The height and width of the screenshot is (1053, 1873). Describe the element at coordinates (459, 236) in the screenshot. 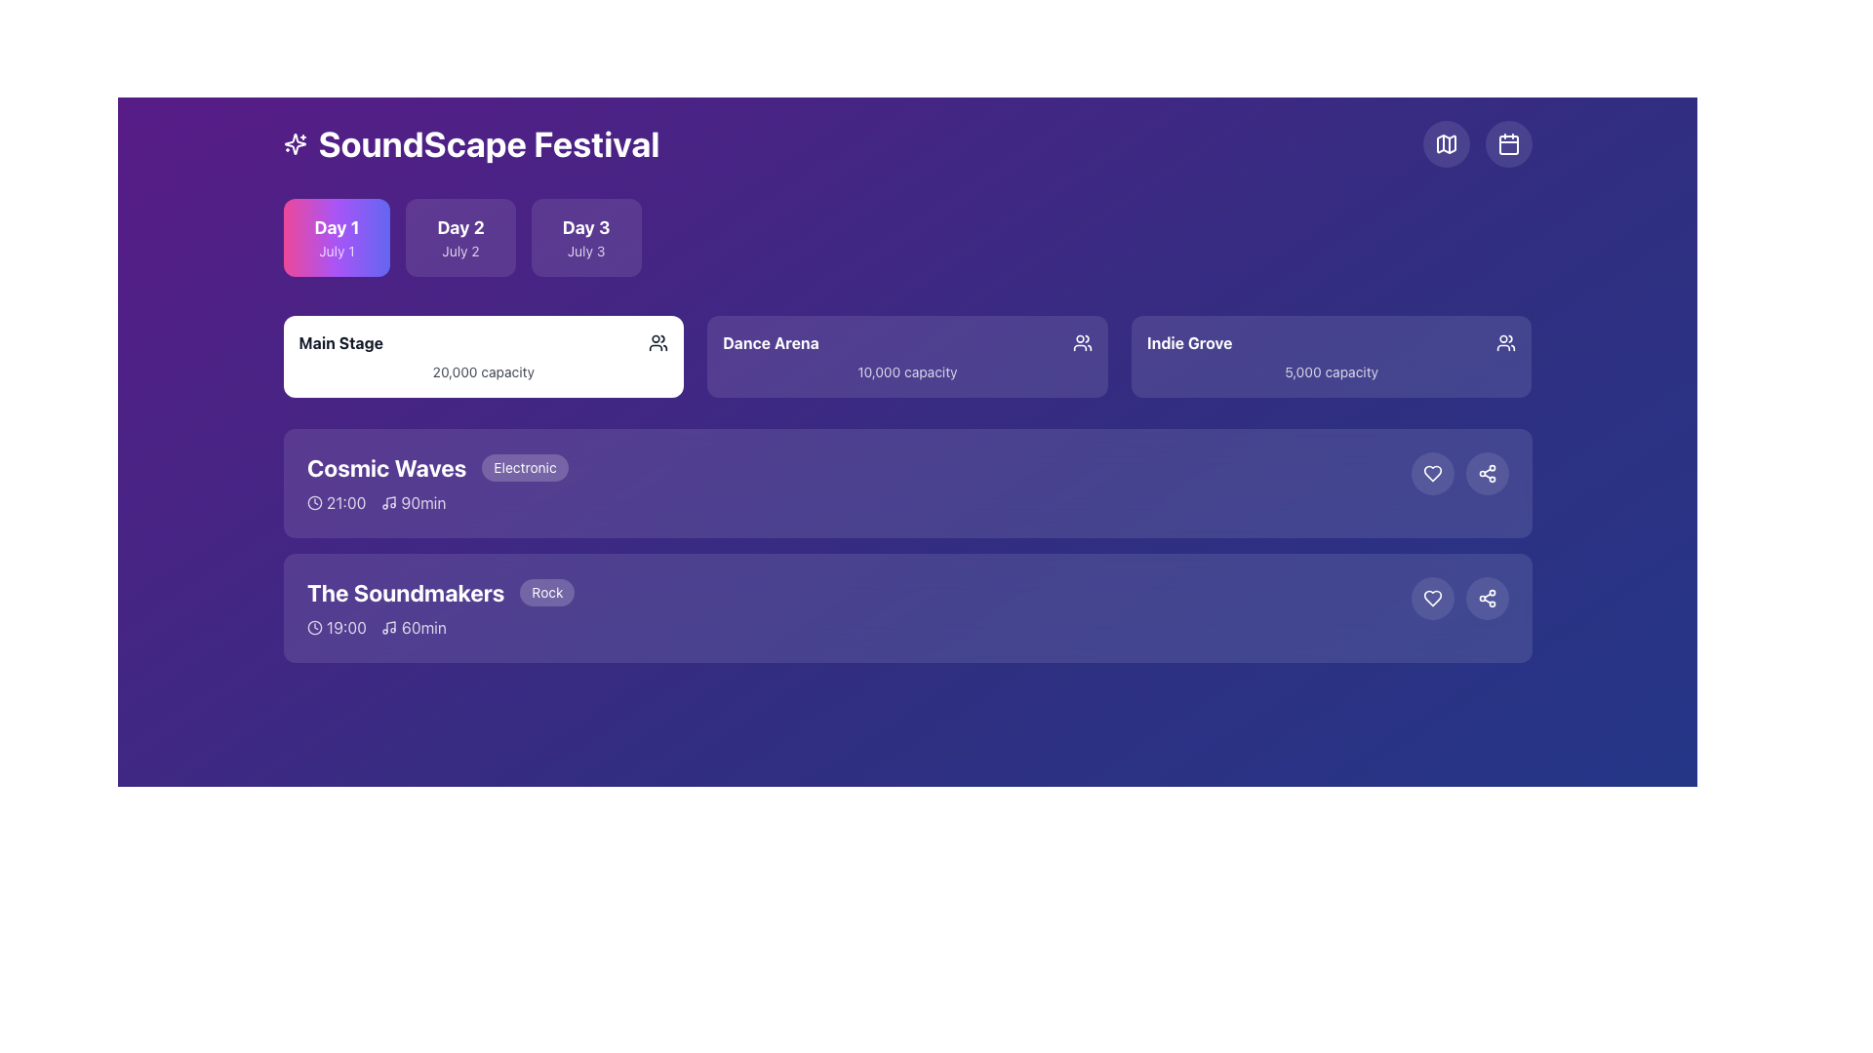

I see `the 'Day 2' card-like button with a rounded rectangle shape` at that location.